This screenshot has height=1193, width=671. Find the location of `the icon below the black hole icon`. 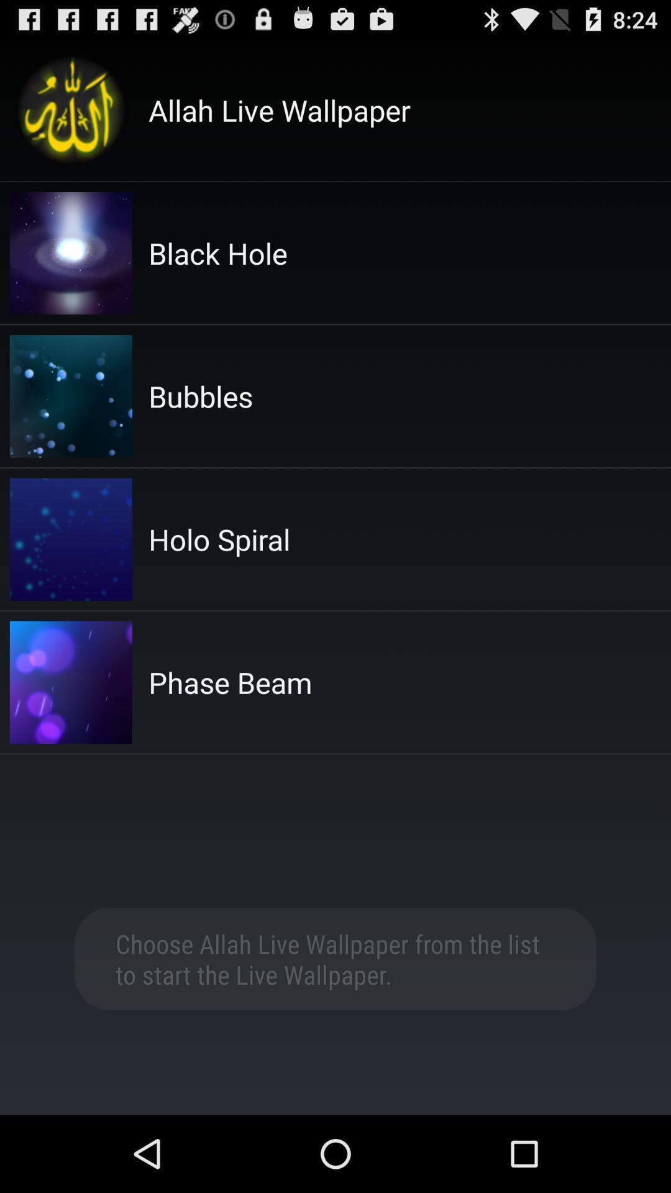

the icon below the black hole icon is located at coordinates (200, 395).